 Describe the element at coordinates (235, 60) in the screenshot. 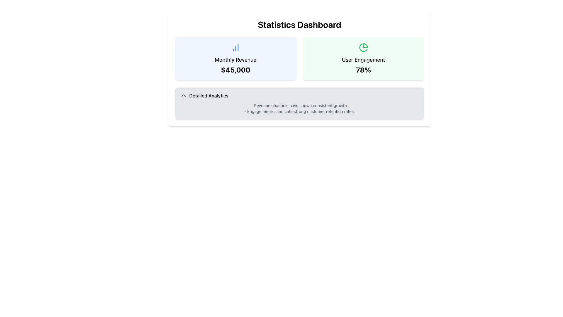

I see `the Text Label indicating the metric specified by the numerical value '$45,000' within the light blue card in the dashboard layout` at that location.